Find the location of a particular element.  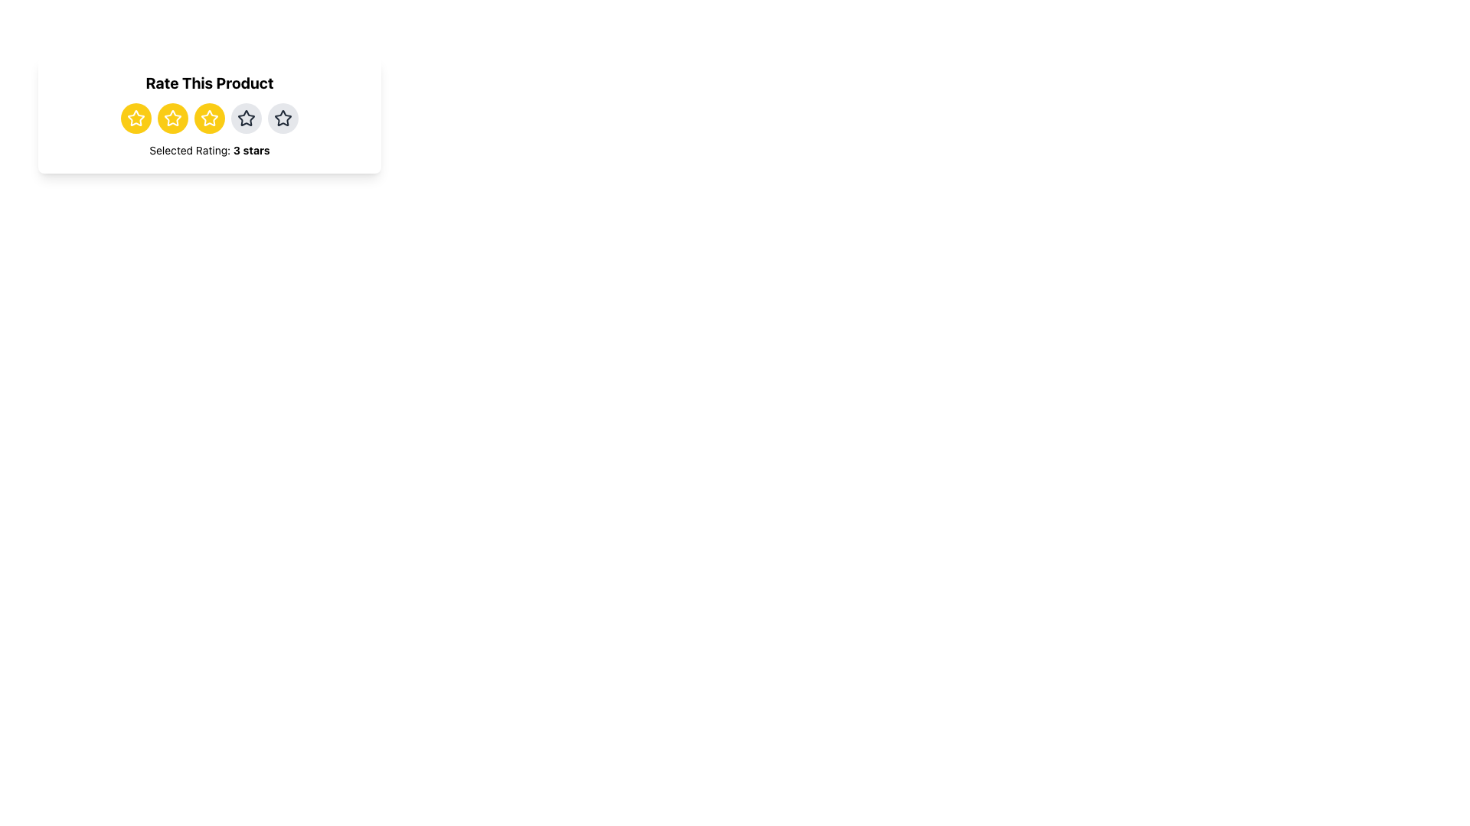

the third star SVG icon in the 5-star rating system, which is located in the center of the card displaying 'Rate This Product' is located at coordinates (136, 117).